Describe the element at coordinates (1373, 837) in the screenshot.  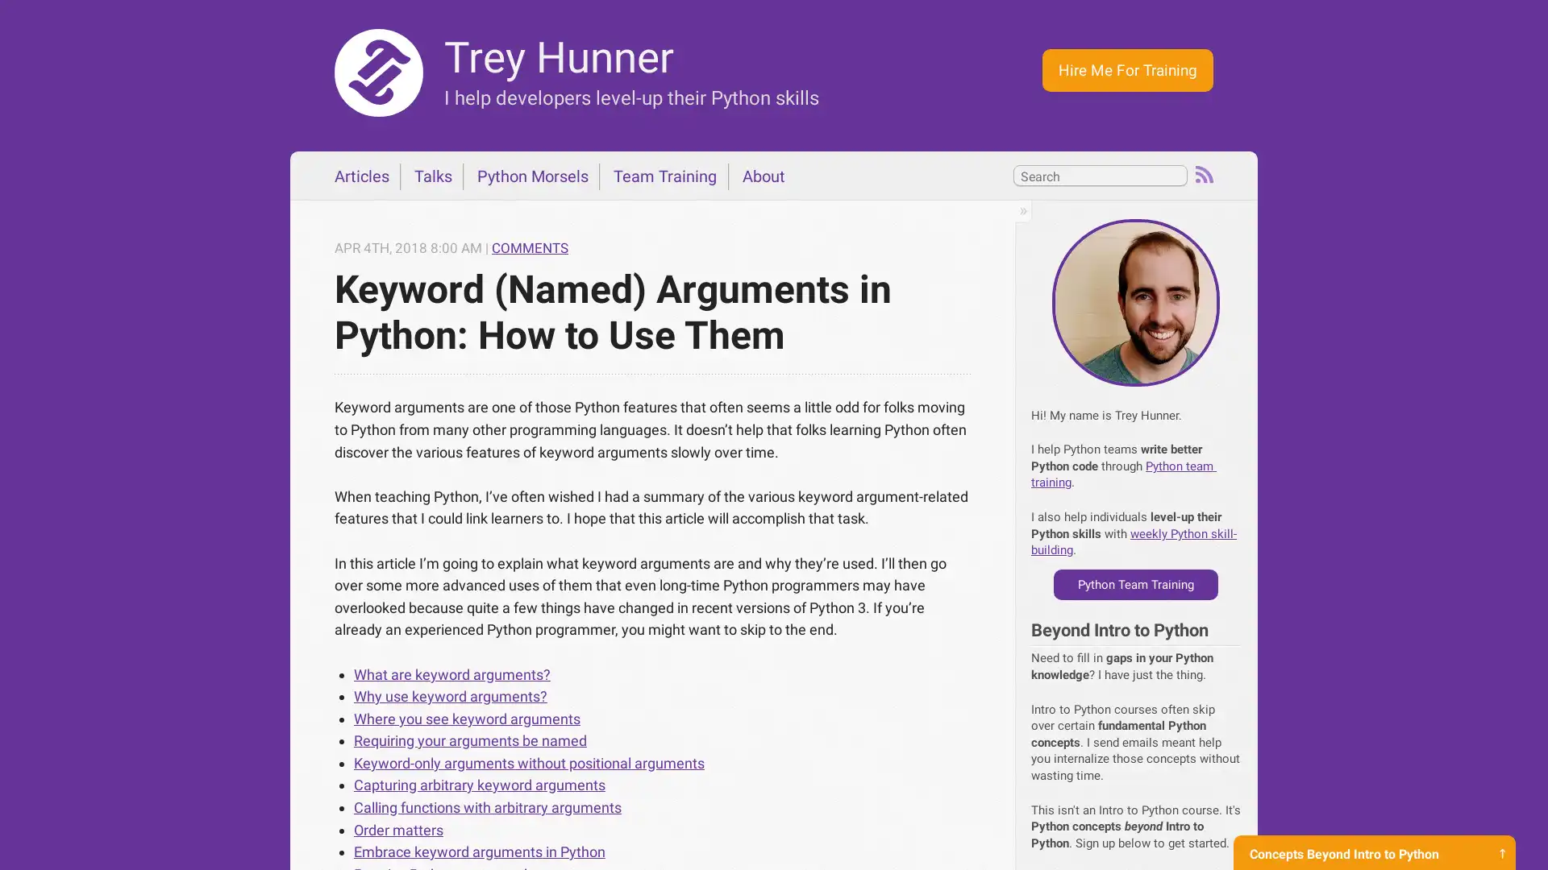
I see `Sign up for Python Concepts` at that location.